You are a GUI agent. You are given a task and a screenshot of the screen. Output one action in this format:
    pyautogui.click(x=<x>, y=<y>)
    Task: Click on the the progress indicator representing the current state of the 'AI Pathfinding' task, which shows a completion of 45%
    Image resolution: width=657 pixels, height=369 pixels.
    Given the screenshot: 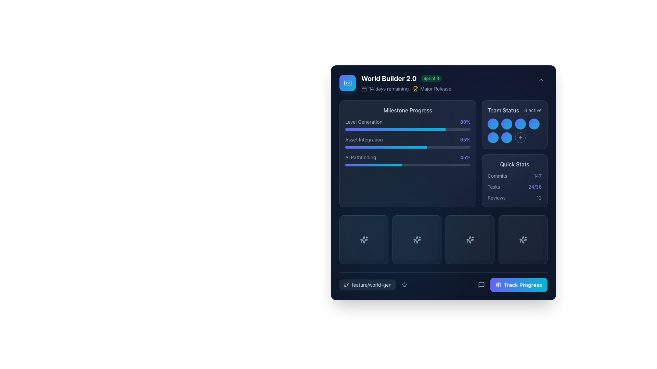 What is the action you would take?
    pyautogui.click(x=408, y=160)
    